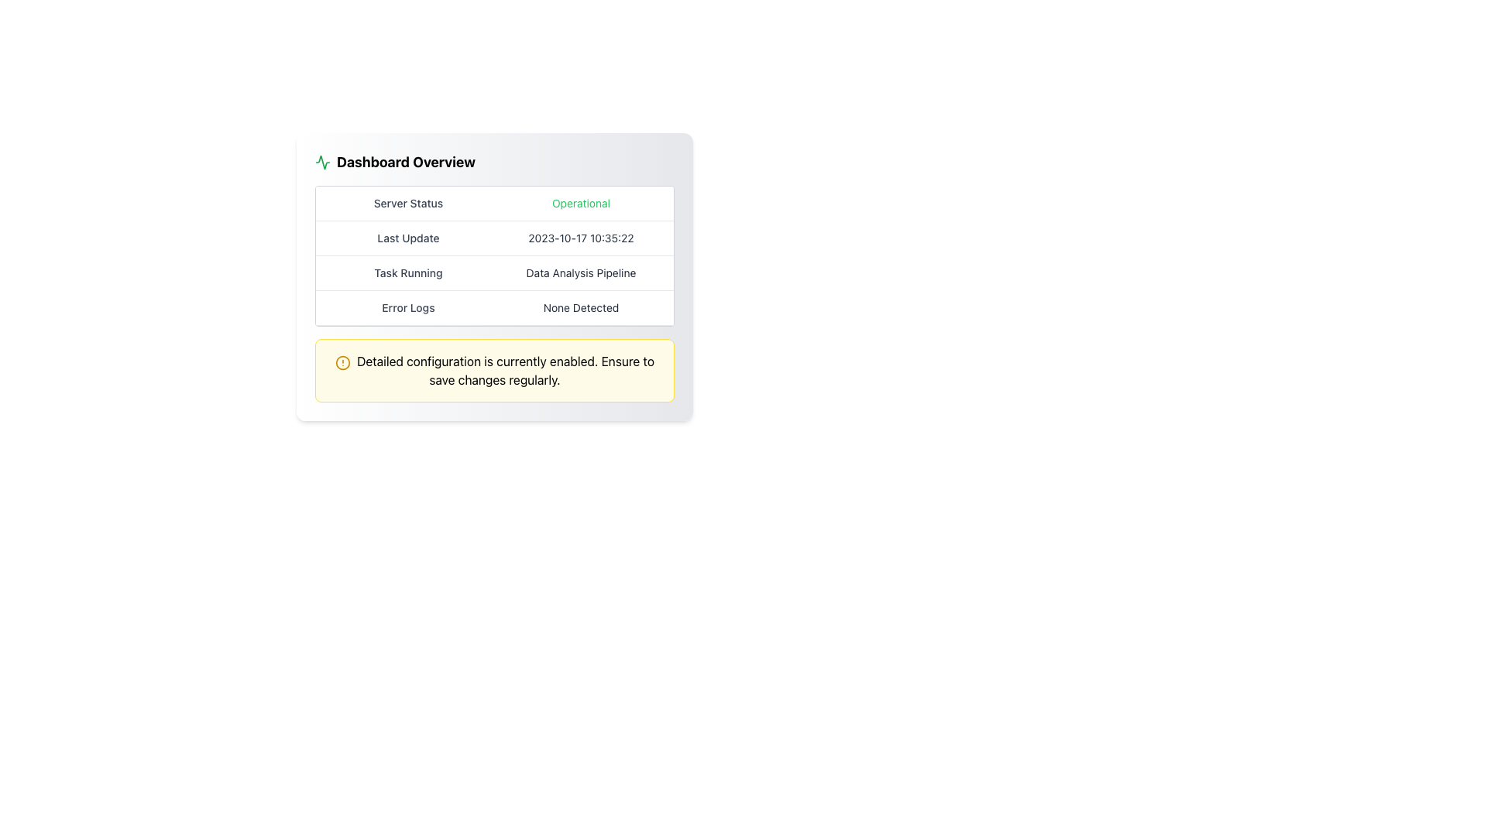 This screenshot has height=836, width=1487. I want to click on the text display element that shows 'None Detected', located in the second column of the 'Error Logs' row, fourth row of the overview section, so click(580, 307).